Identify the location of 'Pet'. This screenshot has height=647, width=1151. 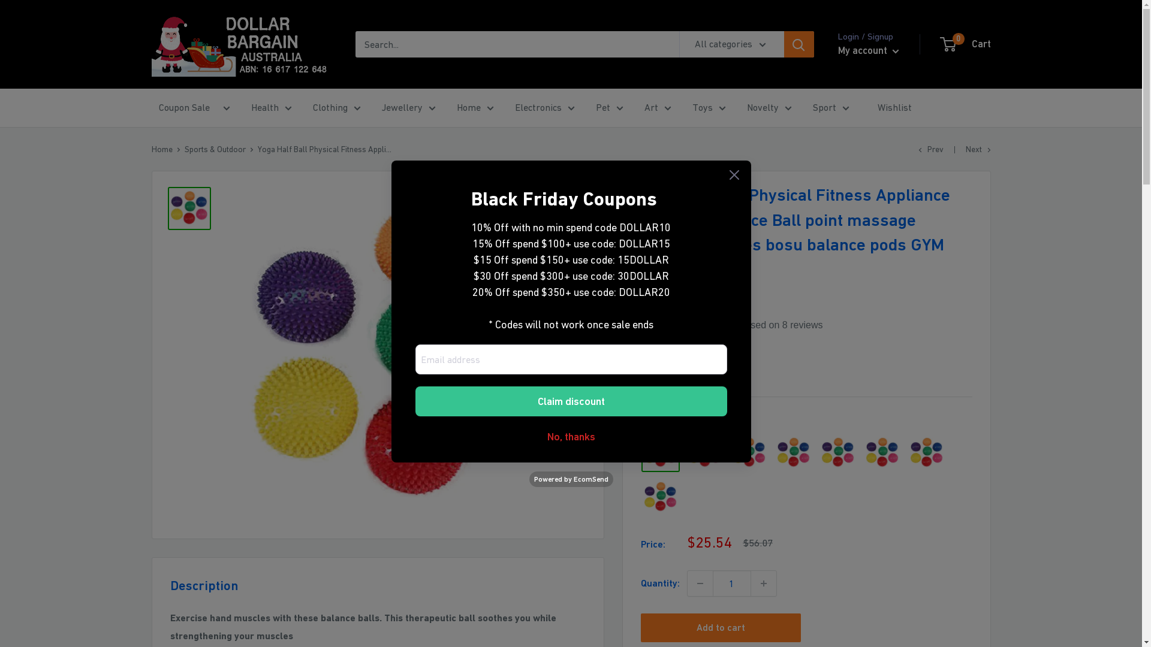
(610, 108).